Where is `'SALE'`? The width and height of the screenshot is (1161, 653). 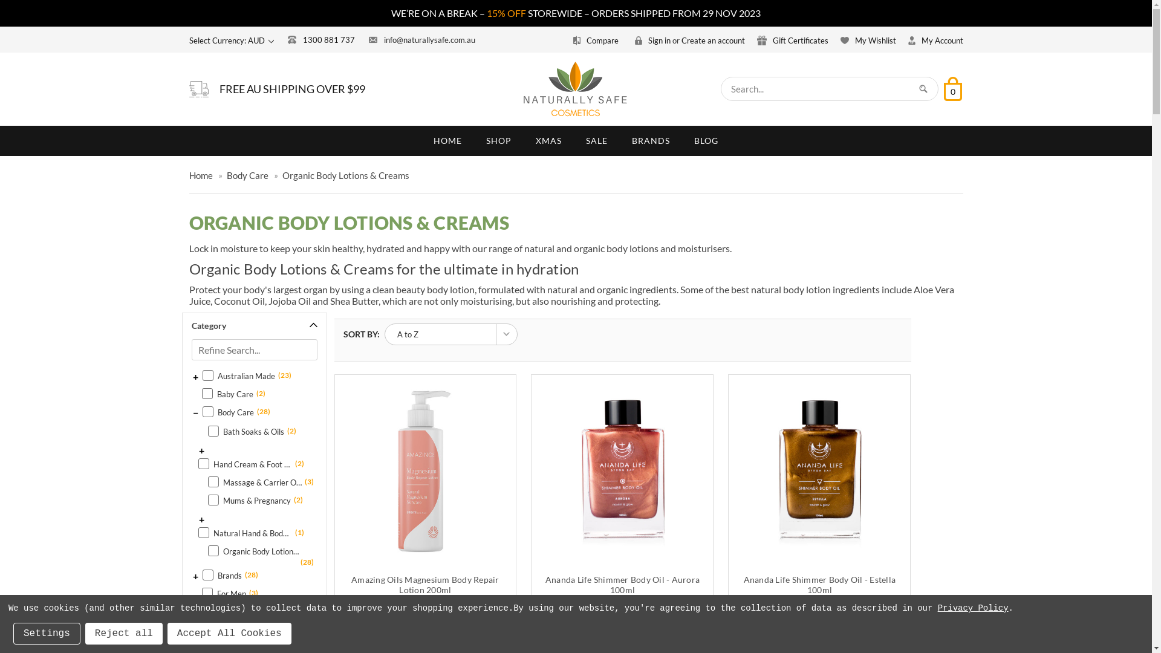 'SALE' is located at coordinates (597, 140).